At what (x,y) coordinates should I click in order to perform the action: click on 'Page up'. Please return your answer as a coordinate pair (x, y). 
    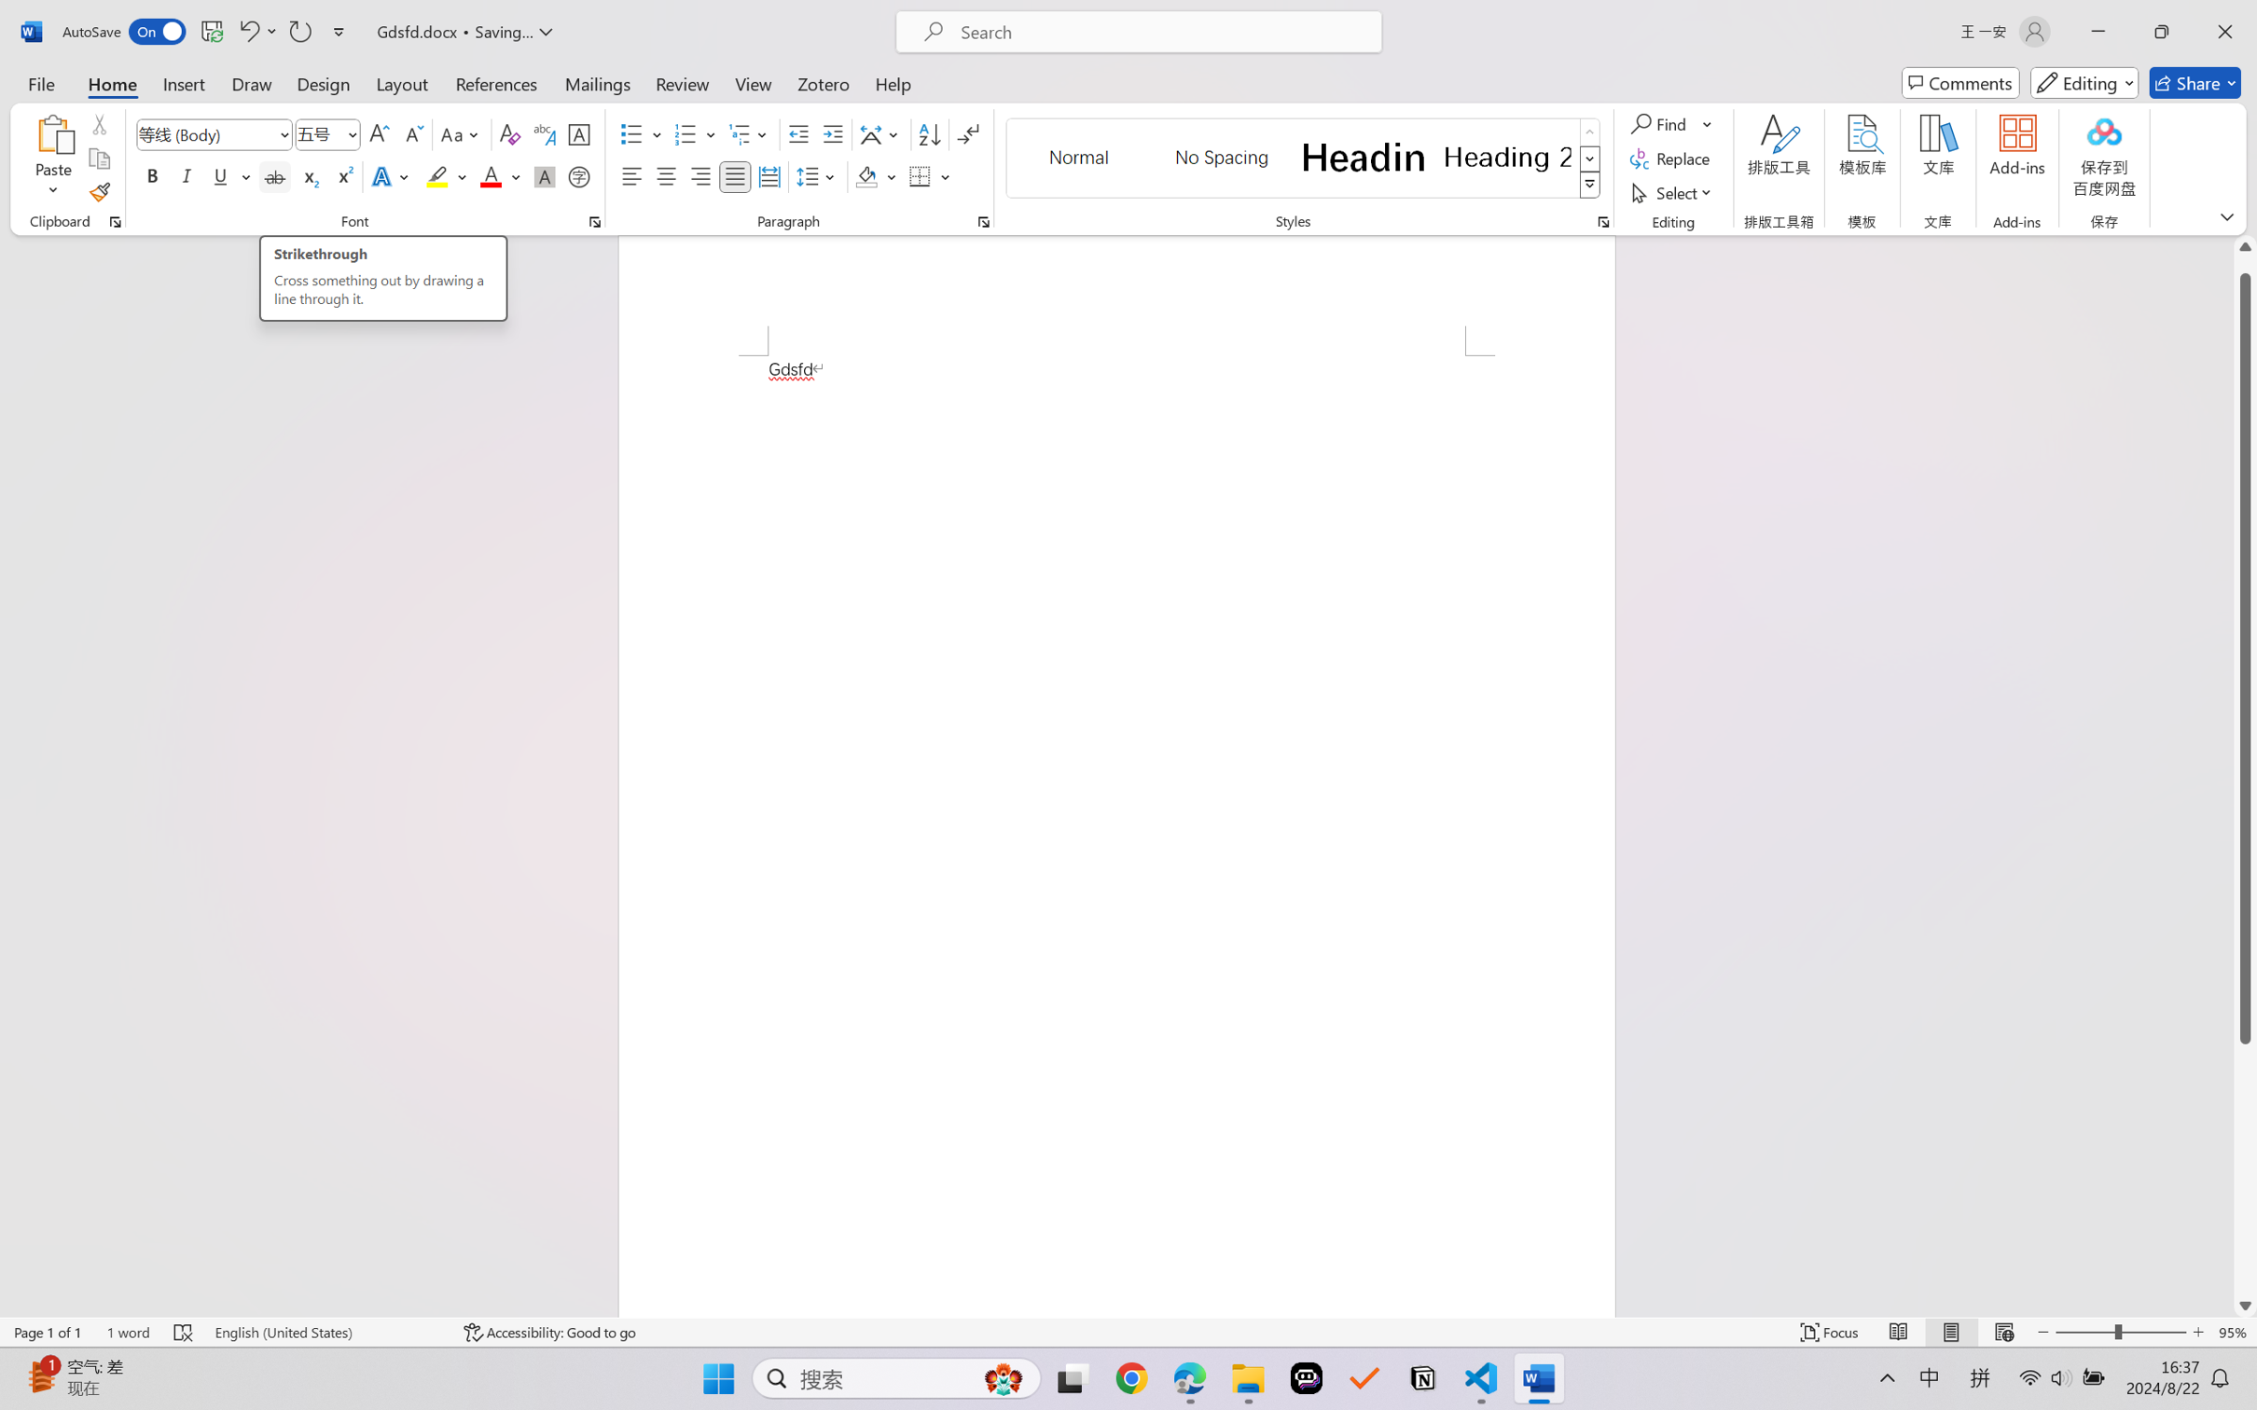
    Looking at the image, I should click on (2245, 265).